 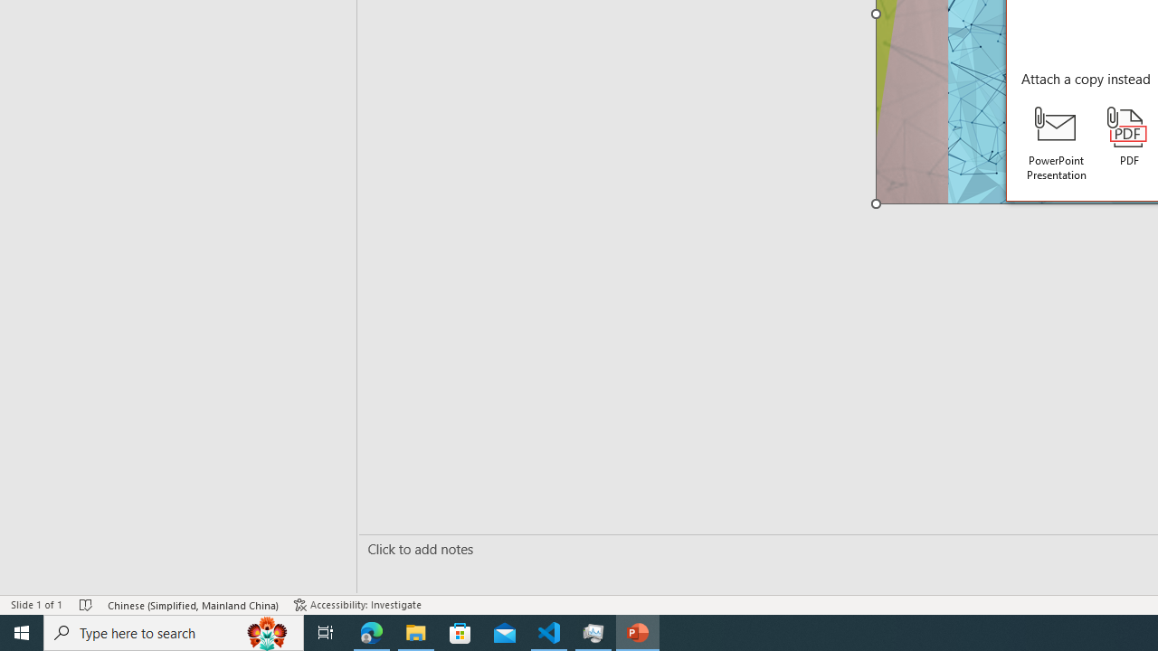 What do you see at coordinates (460, 631) in the screenshot?
I see `'Microsoft Store'` at bounding box center [460, 631].